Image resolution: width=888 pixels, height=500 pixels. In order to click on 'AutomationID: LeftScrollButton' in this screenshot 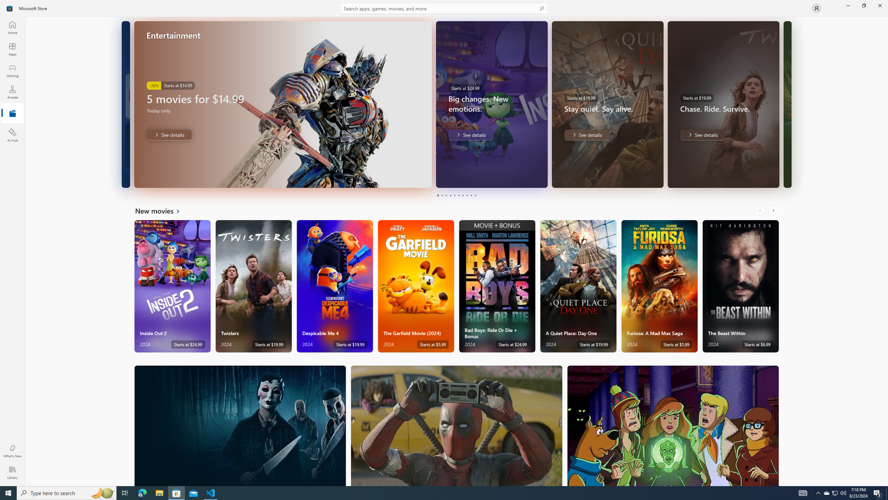, I will do `click(760, 210)`.